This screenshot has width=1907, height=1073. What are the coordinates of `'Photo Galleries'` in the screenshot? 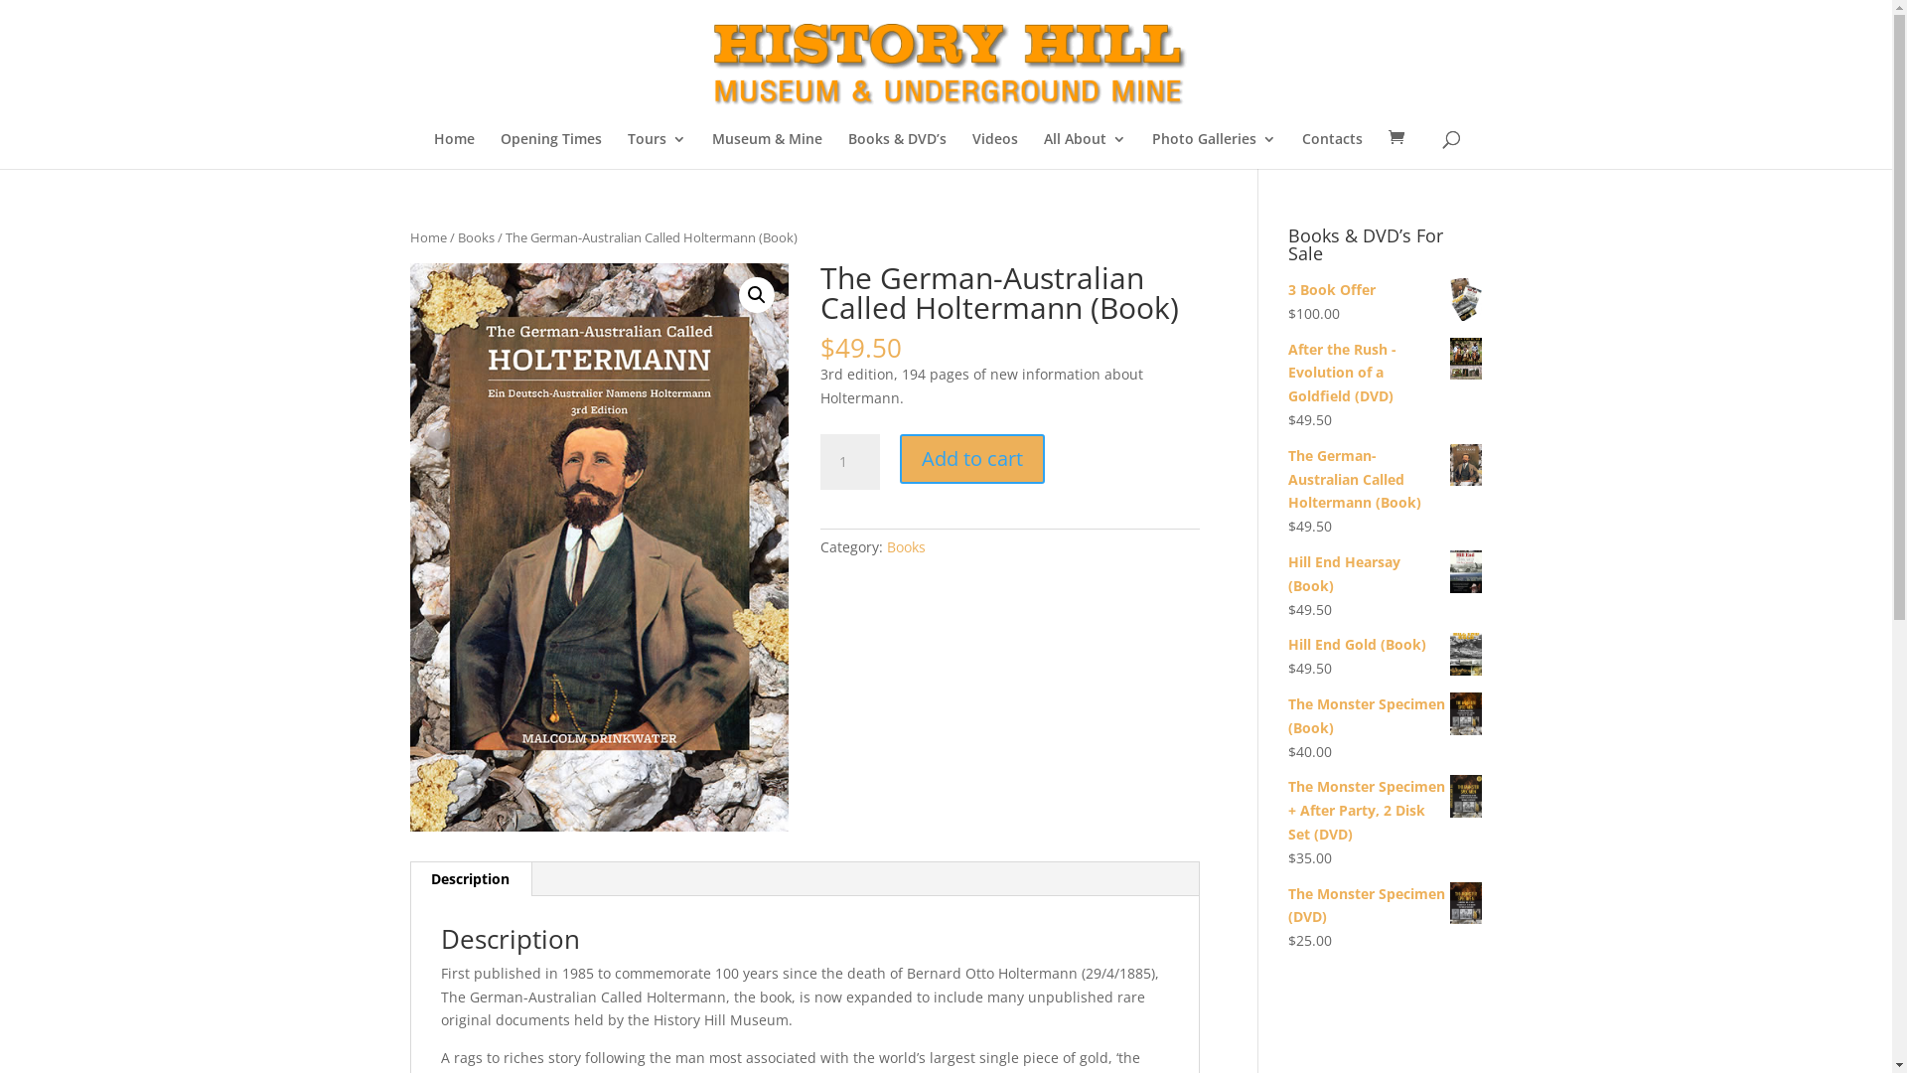 It's located at (1213, 149).